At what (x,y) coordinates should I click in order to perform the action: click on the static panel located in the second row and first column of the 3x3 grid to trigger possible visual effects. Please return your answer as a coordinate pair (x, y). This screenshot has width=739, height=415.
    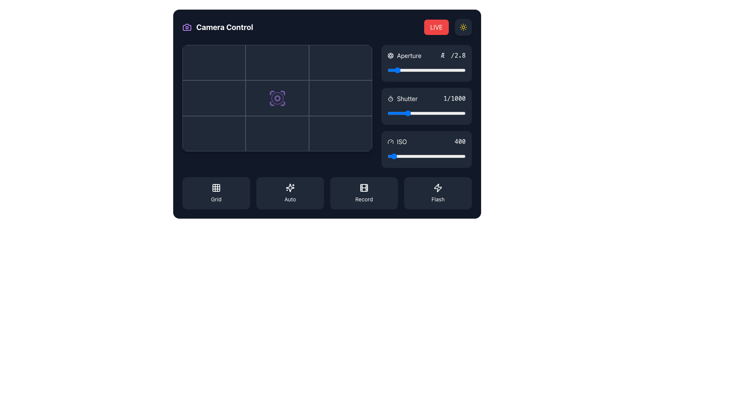
    Looking at the image, I should click on (214, 98).